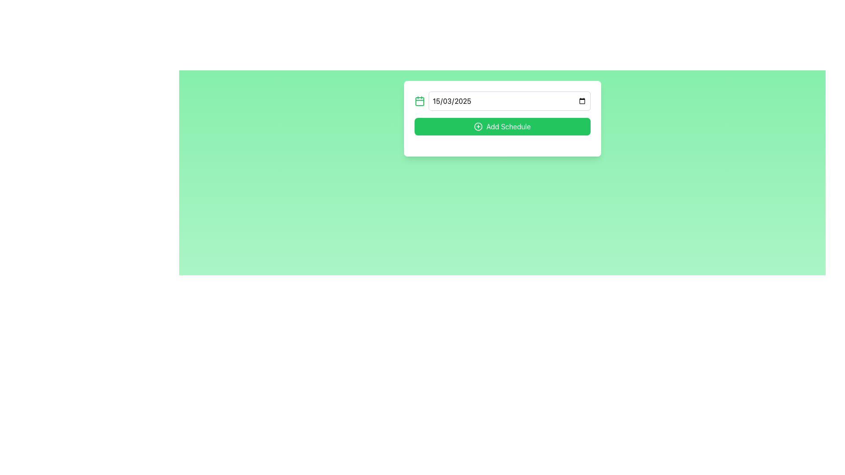  What do you see at coordinates (478, 127) in the screenshot?
I see `the 'Add' icon within the green 'Add Schedule' button, which is positioned on the left side of the button's text` at bounding box center [478, 127].